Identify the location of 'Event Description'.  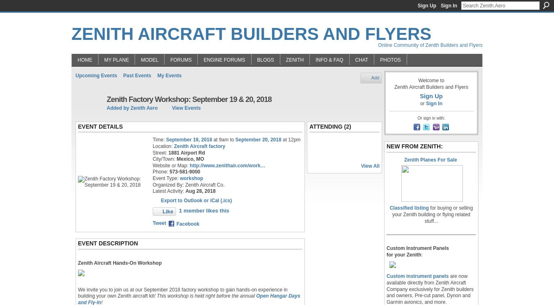
(78, 243).